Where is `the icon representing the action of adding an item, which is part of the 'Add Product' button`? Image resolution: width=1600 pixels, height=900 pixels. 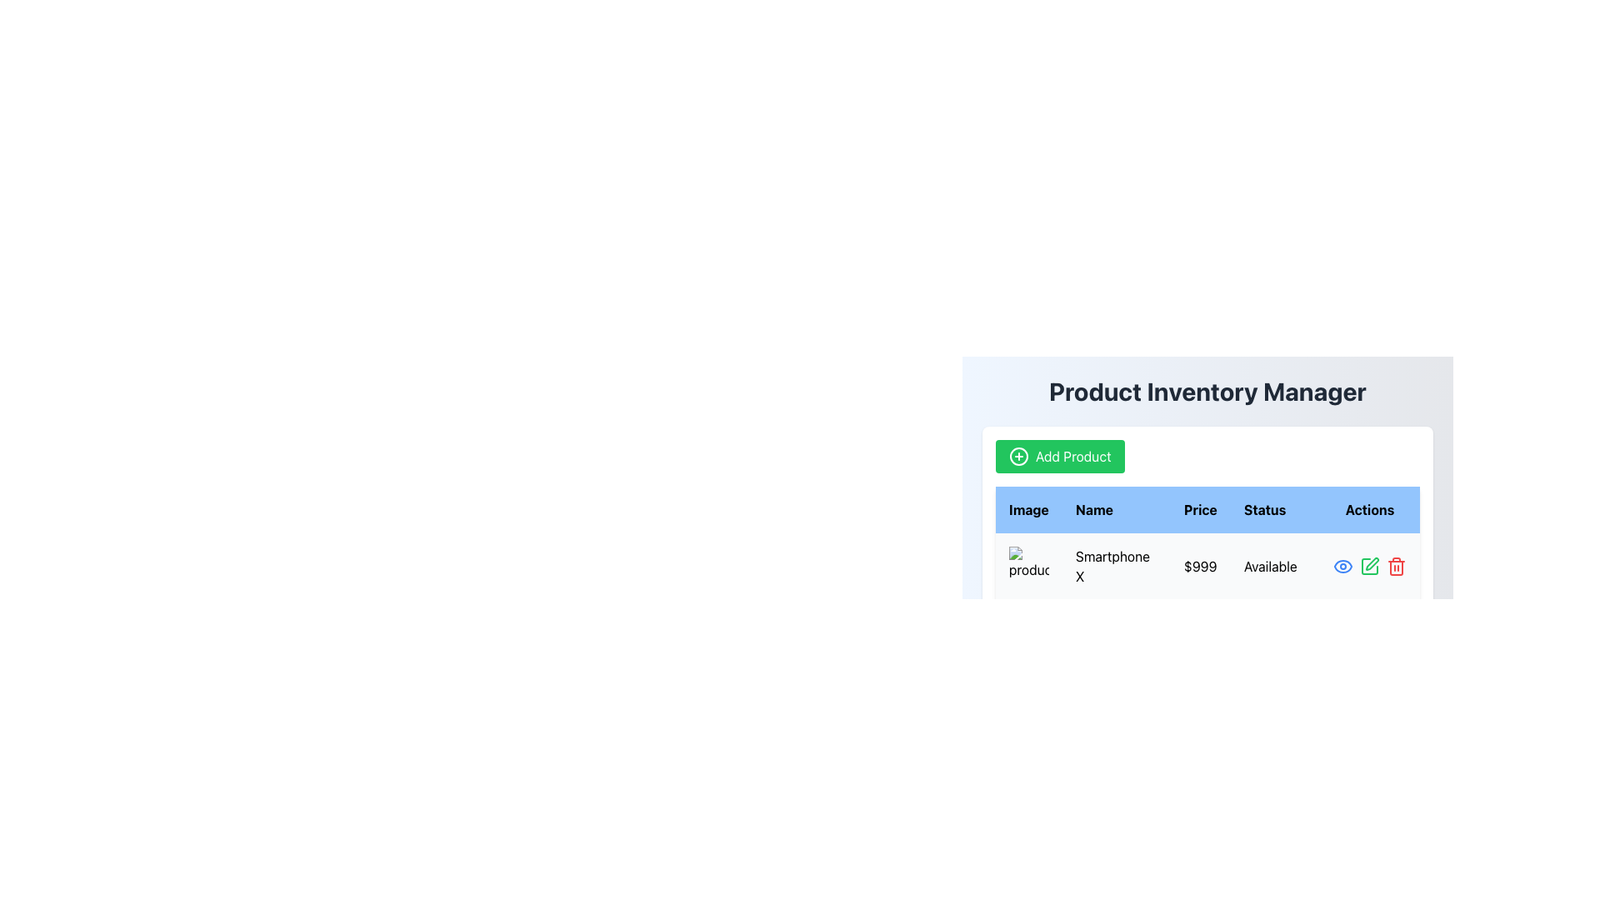 the icon representing the action of adding an item, which is part of the 'Add Product' button is located at coordinates (1018, 456).